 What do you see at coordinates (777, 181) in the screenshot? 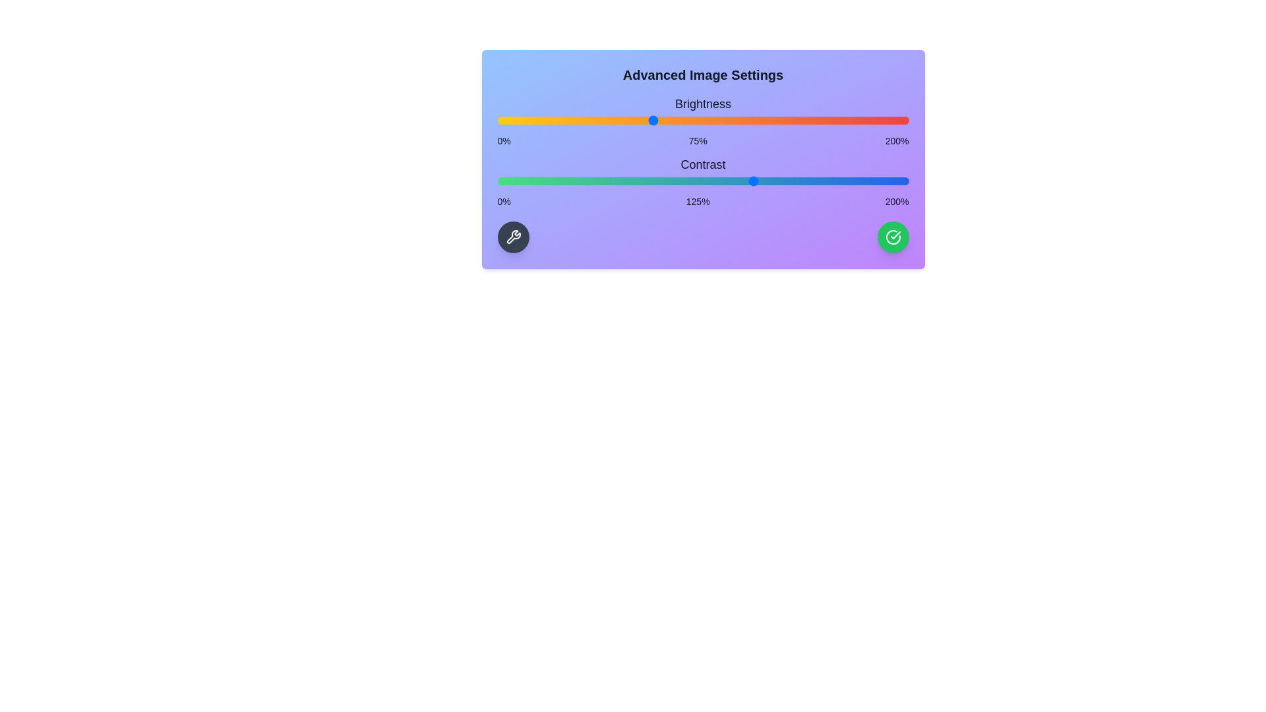
I see `the contrast slider to 136%` at bounding box center [777, 181].